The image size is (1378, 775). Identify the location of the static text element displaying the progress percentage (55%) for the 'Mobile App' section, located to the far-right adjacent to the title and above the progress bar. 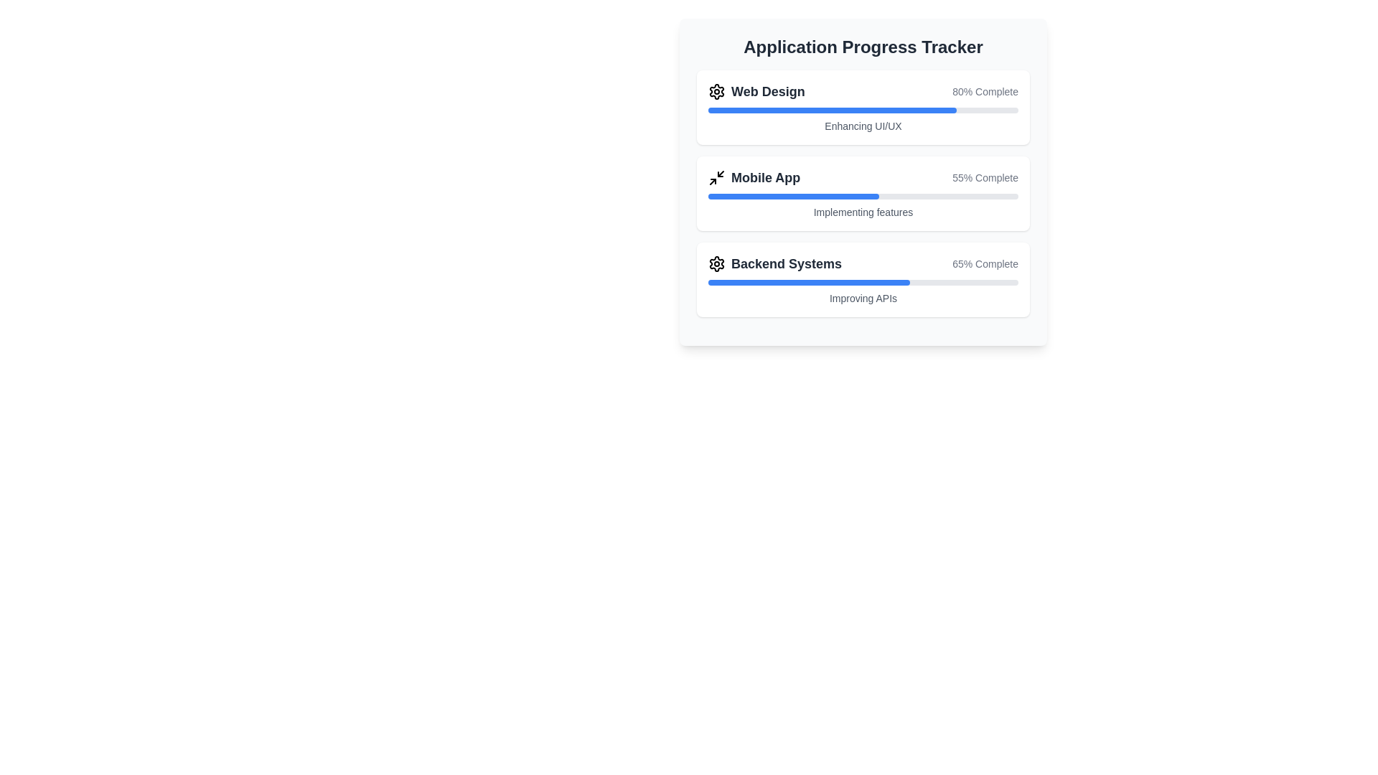
(984, 177).